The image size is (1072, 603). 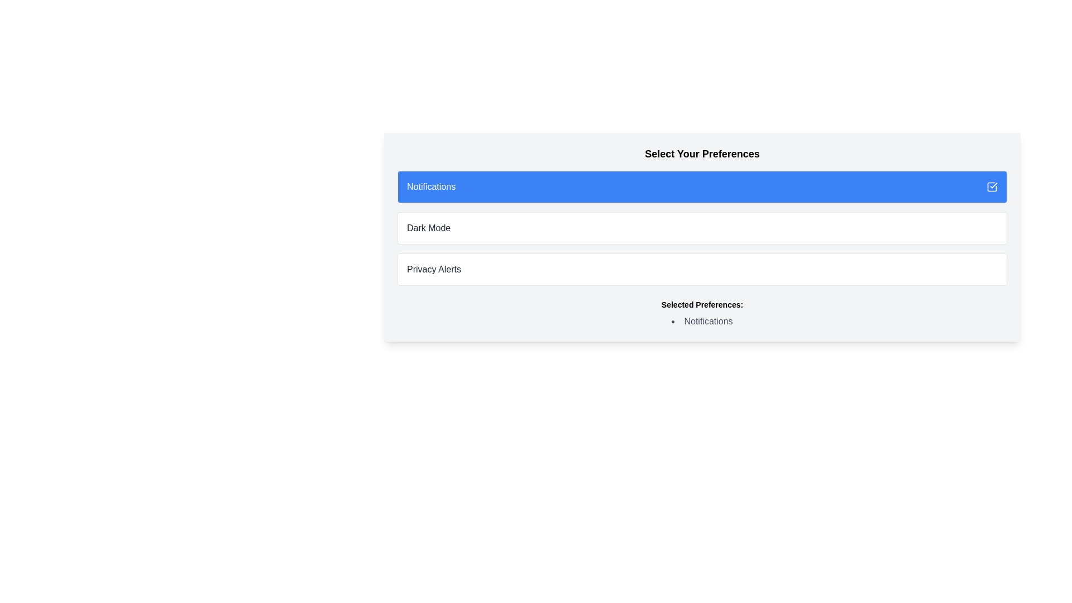 I want to click on the label that denotes a selectable preference option located in the third content block under the 'Select Your Preferences' section, so click(x=433, y=269).